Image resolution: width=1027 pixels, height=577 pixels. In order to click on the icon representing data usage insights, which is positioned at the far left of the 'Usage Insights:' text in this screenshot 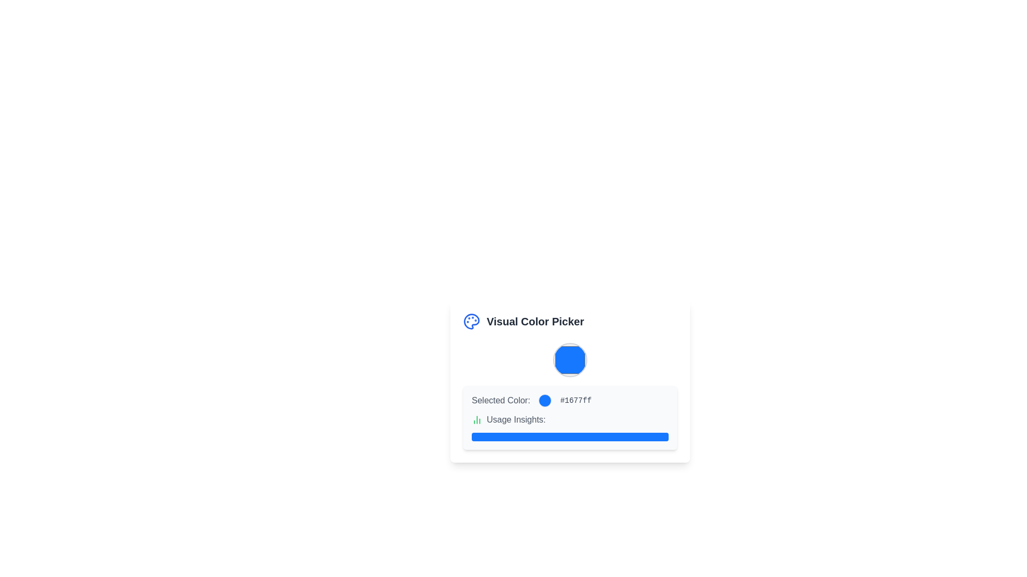, I will do `click(477, 419)`.